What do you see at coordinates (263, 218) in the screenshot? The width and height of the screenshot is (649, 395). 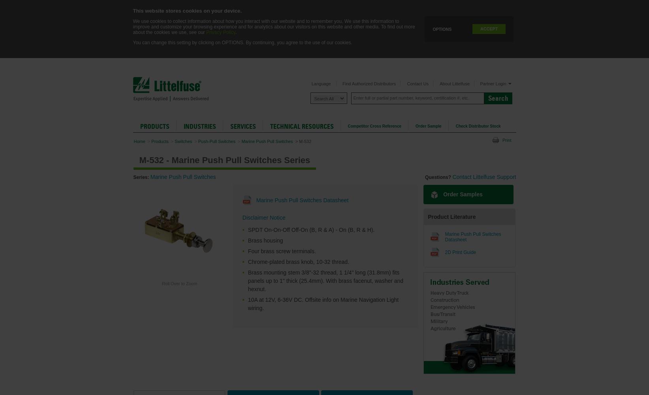 I see `'Disclaimer Notice'` at bounding box center [263, 218].